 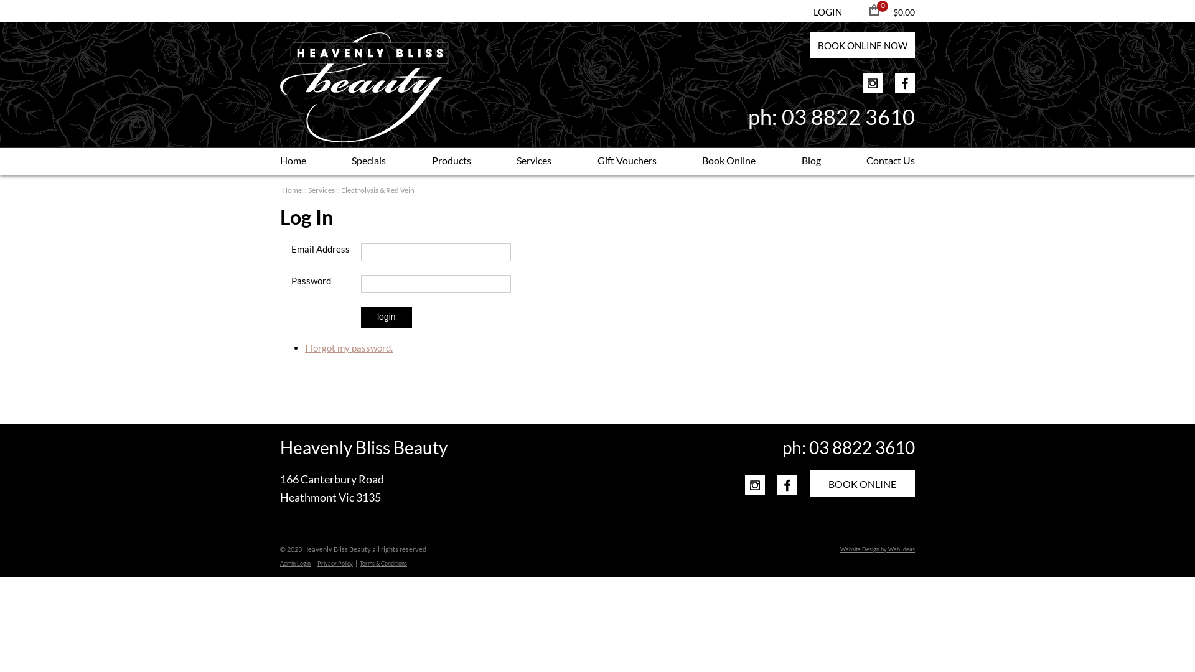 What do you see at coordinates (848, 116) in the screenshot?
I see `'03 8822 3610'` at bounding box center [848, 116].